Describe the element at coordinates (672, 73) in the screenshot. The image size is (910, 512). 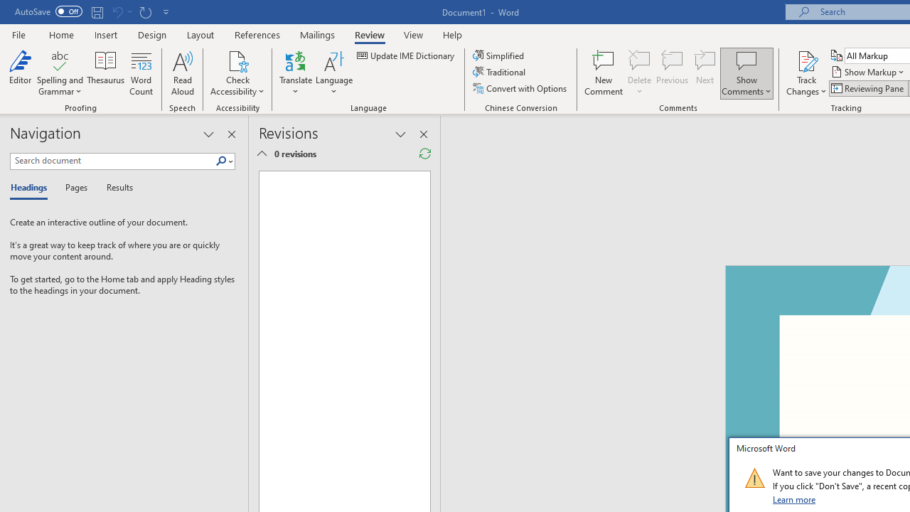
I see `'Previous'` at that location.